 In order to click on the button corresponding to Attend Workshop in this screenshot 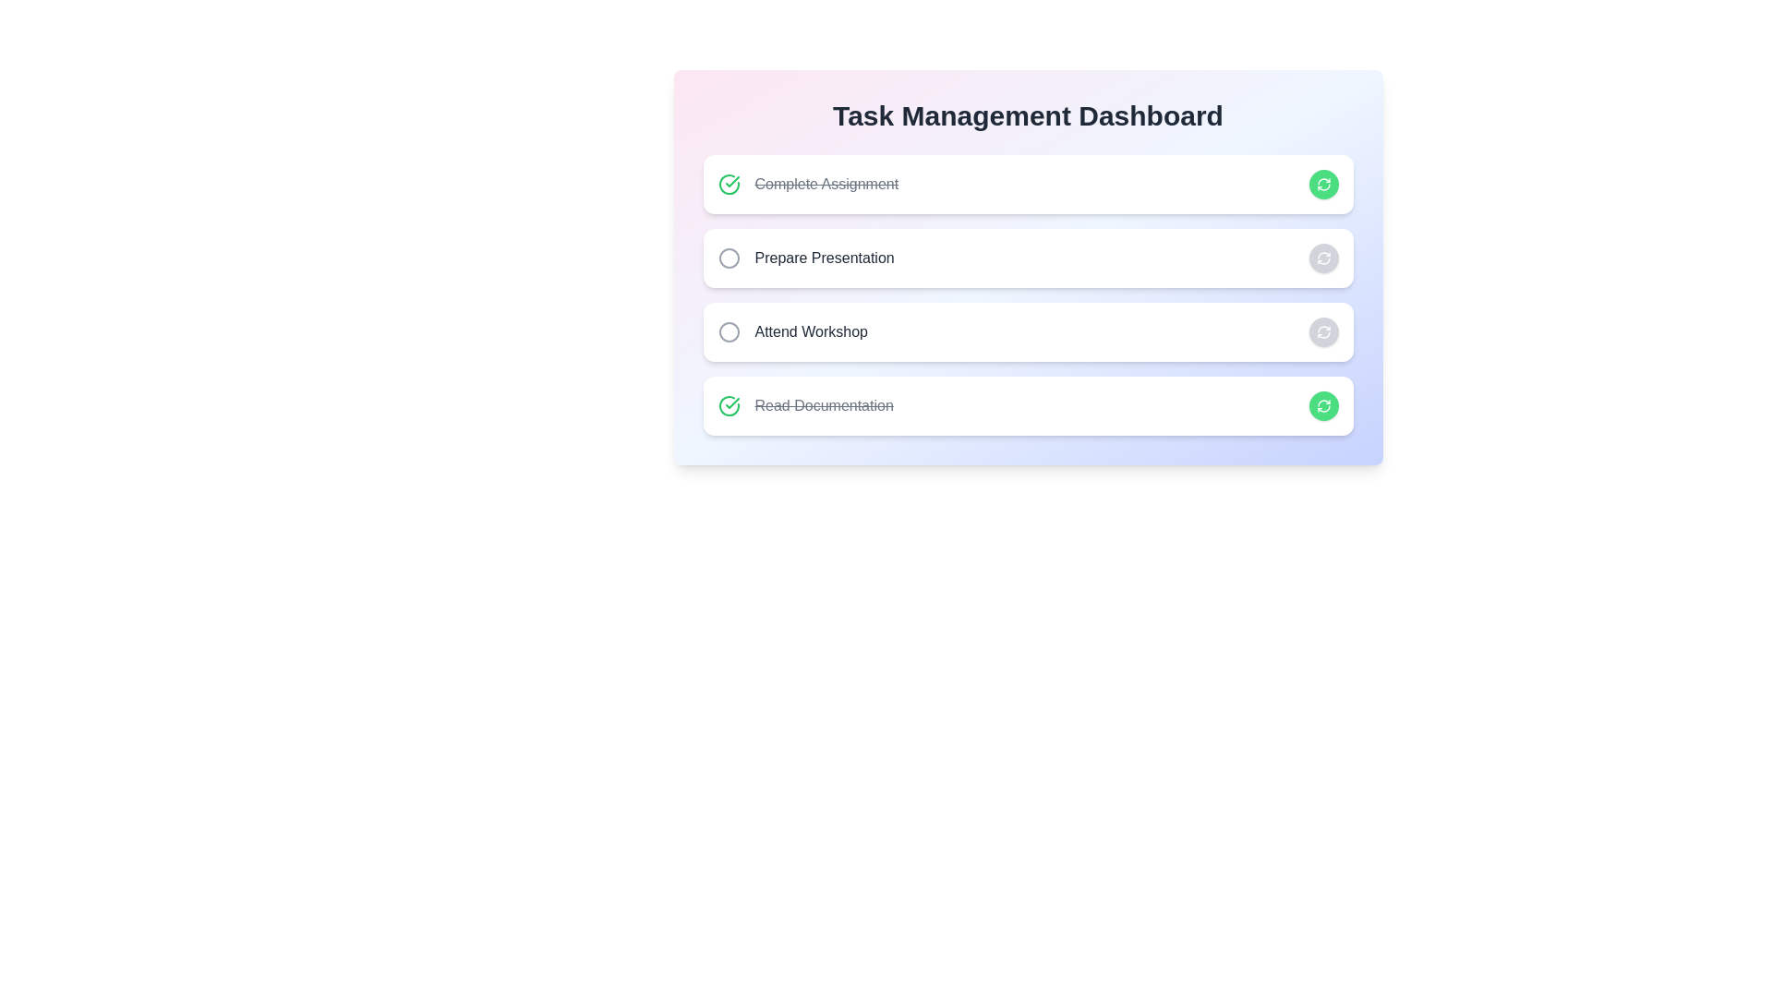, I will do `click(1322, 330)`.